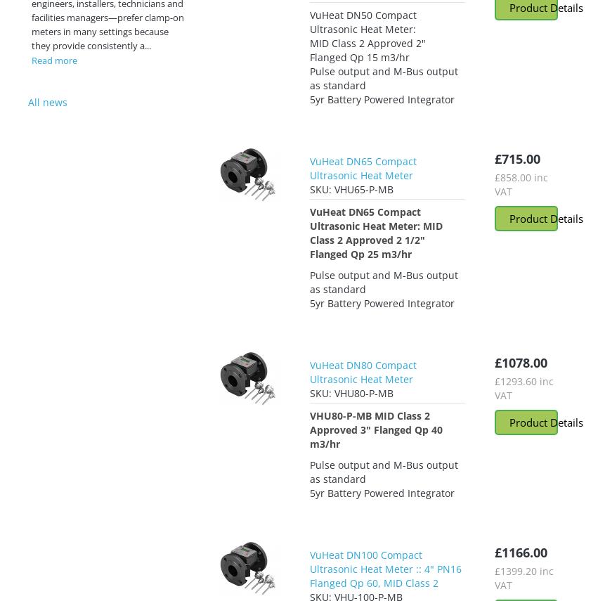 The width and height of the screenshot is (598, 601). Describe the element at coordinates (521, 183) in the screenshot. I see `'£858.00 inc VAT'` at that location.